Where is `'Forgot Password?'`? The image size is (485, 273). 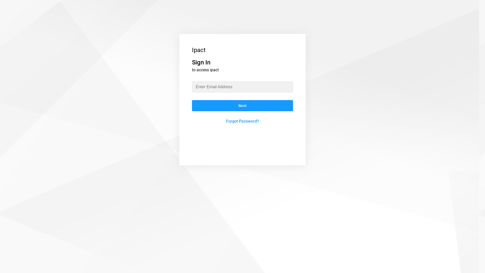
'Forgot Password?' is located at coordinates (243, 121).